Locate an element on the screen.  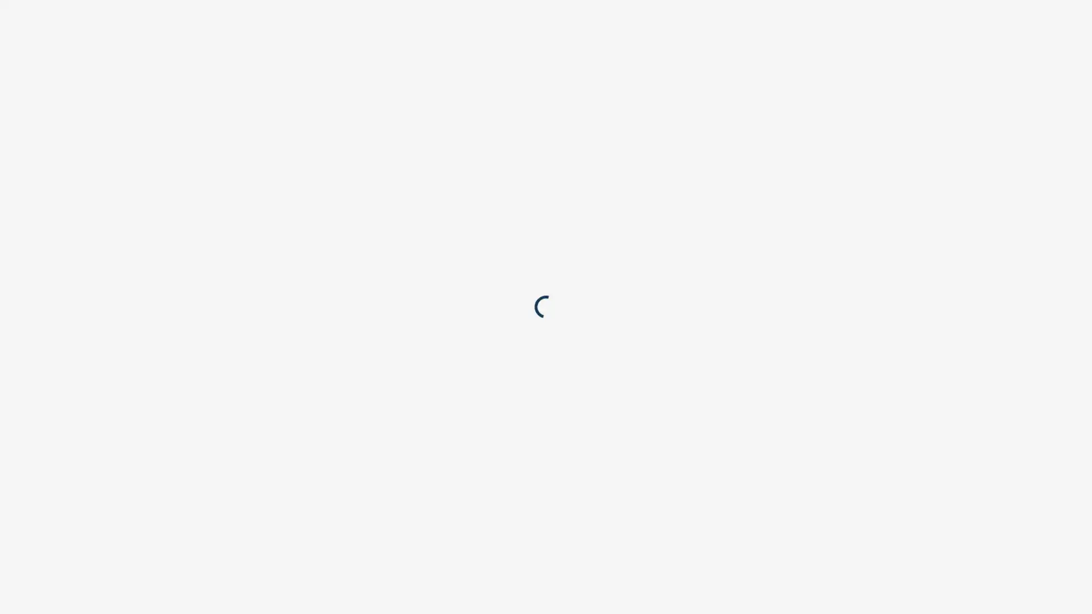
Submit report is located at coordinates (682, 131).